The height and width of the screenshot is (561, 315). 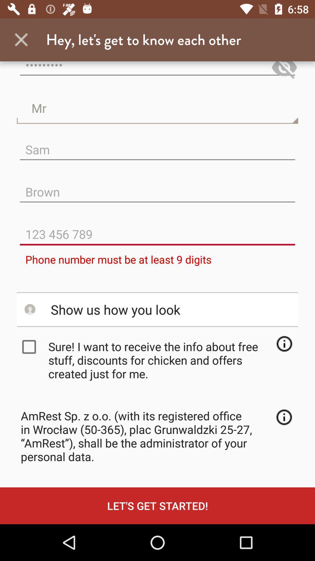 What do you see at coordinates (284, 417) in the screenshot?
I see `the icon above let s get` at bounding box center [284, 417].